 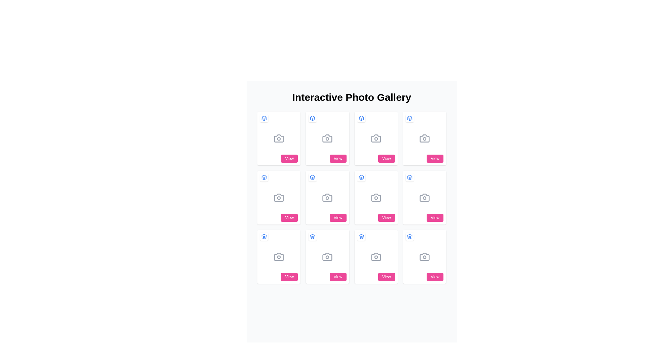 I want to click on the camera icon, which is located in the last card of the fourth row in a photo gallery interface, characterized by its simple outline and circular lens, so click(x=424, y=256).